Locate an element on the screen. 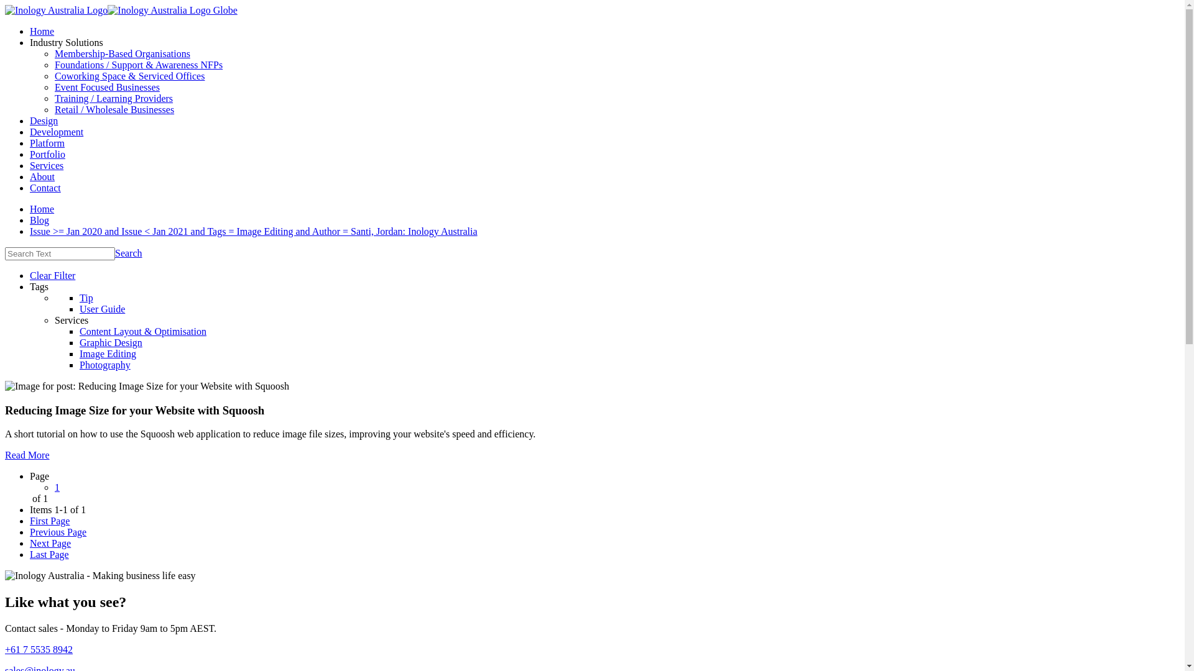  'Tip' is located at coordinates (86, 298).